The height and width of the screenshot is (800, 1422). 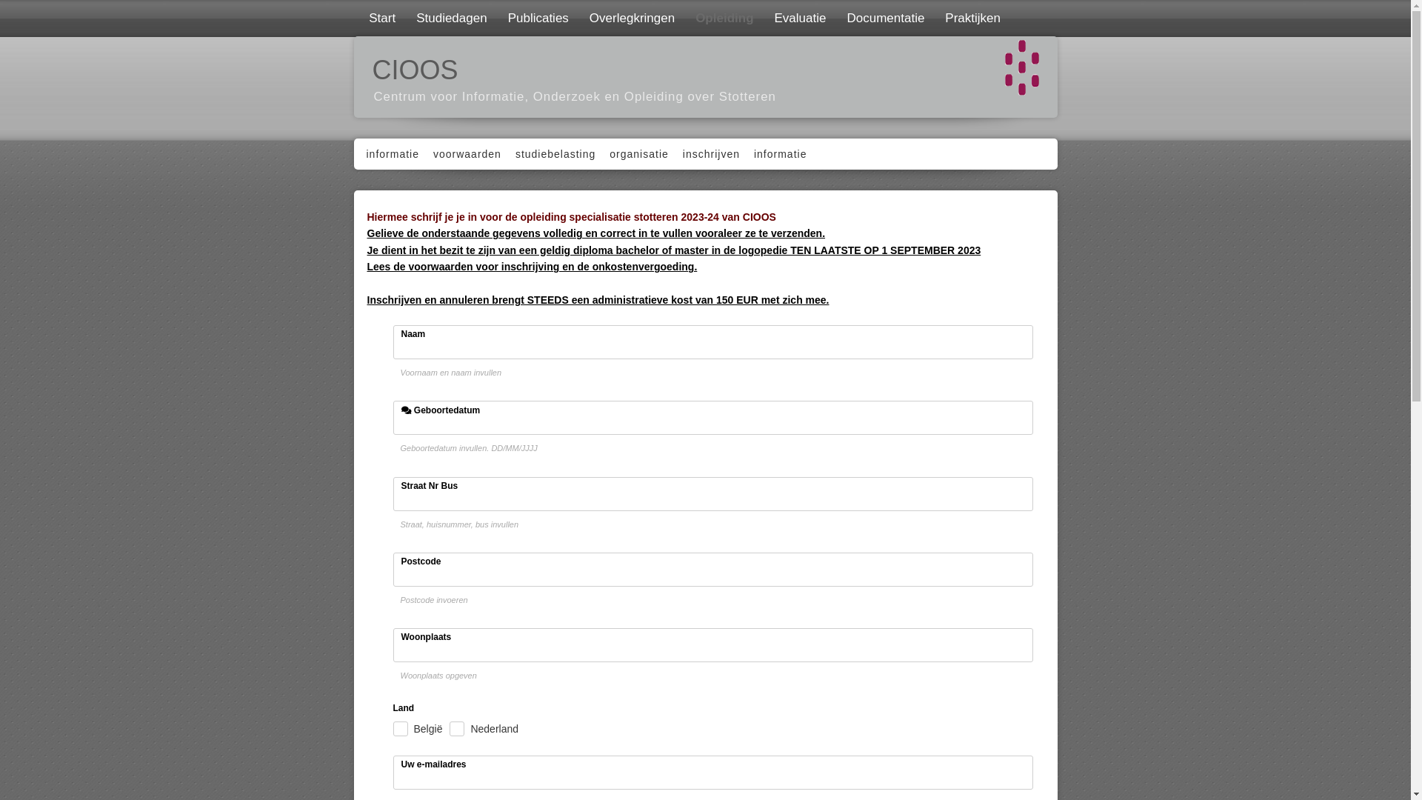 What do you see at coordinates (553, 154) in the screenshot?
I see `'studiebelasting'` at bounding box center [553, 154].